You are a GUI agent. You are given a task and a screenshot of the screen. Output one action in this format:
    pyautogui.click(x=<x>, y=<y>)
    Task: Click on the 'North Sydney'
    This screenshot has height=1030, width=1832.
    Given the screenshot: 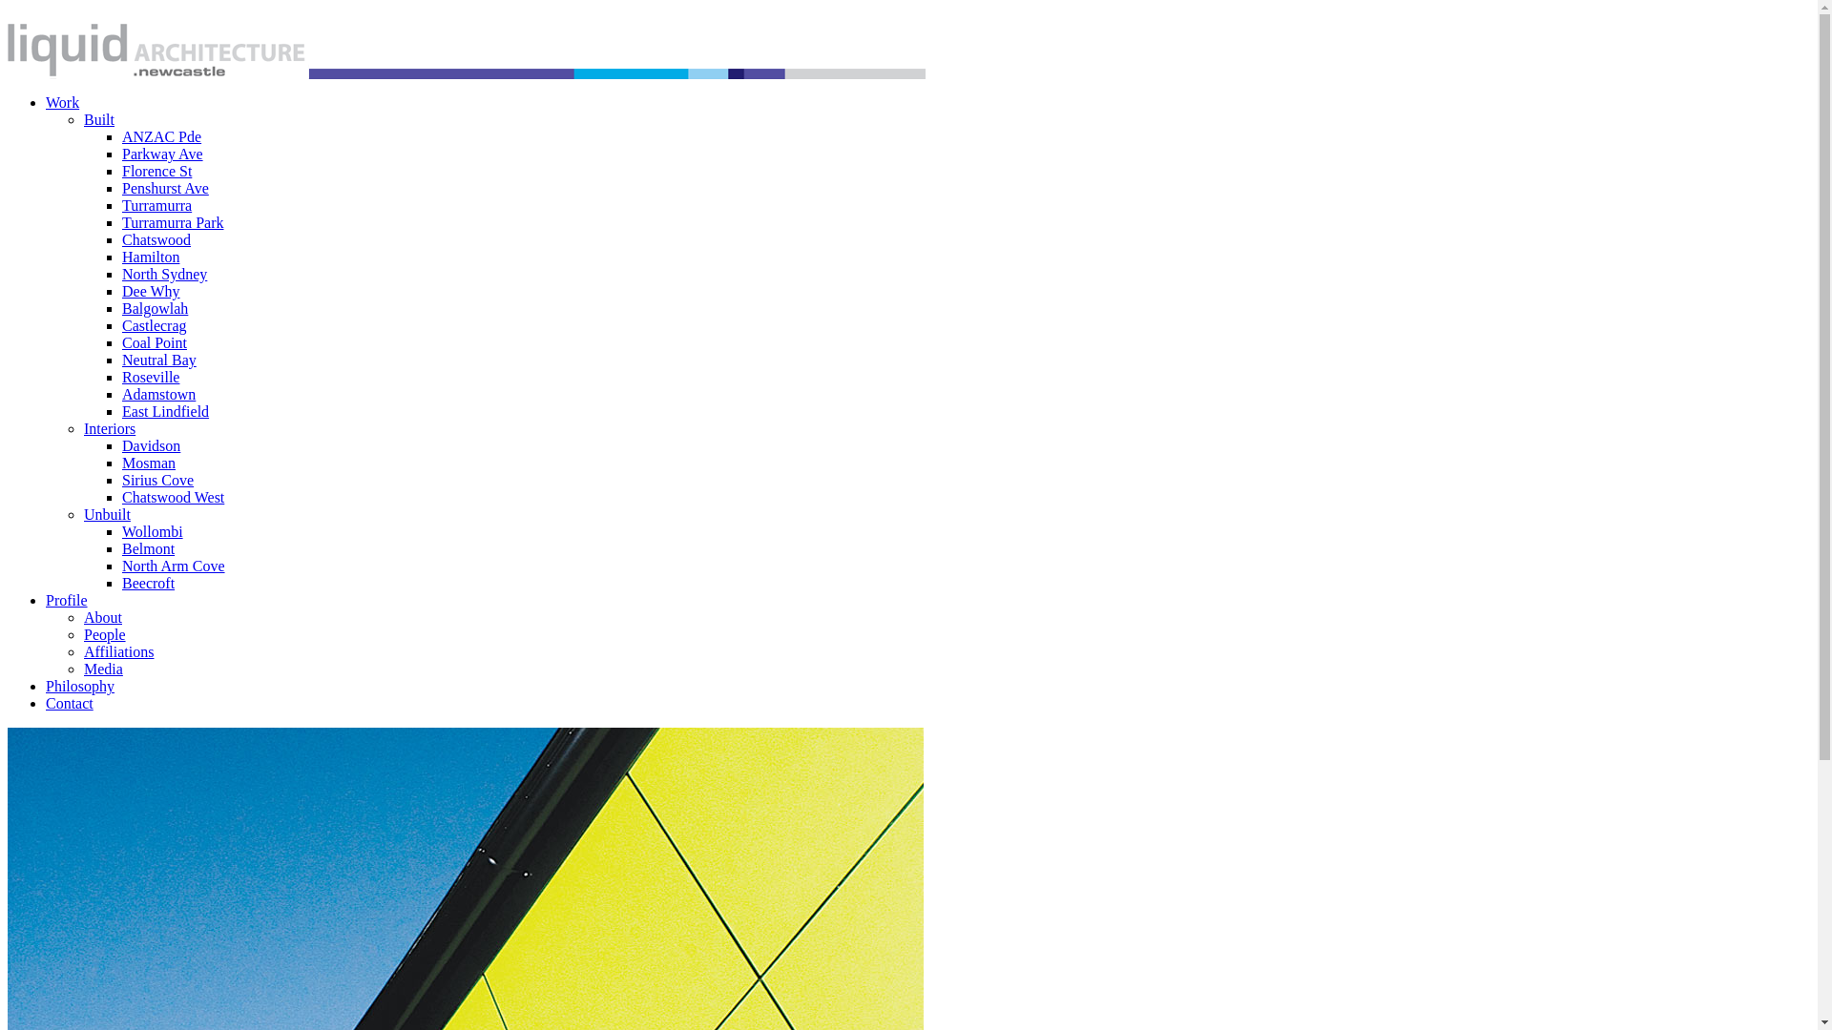 What is the action you would take?
    pyautogui.click(x=164, y=274)
    